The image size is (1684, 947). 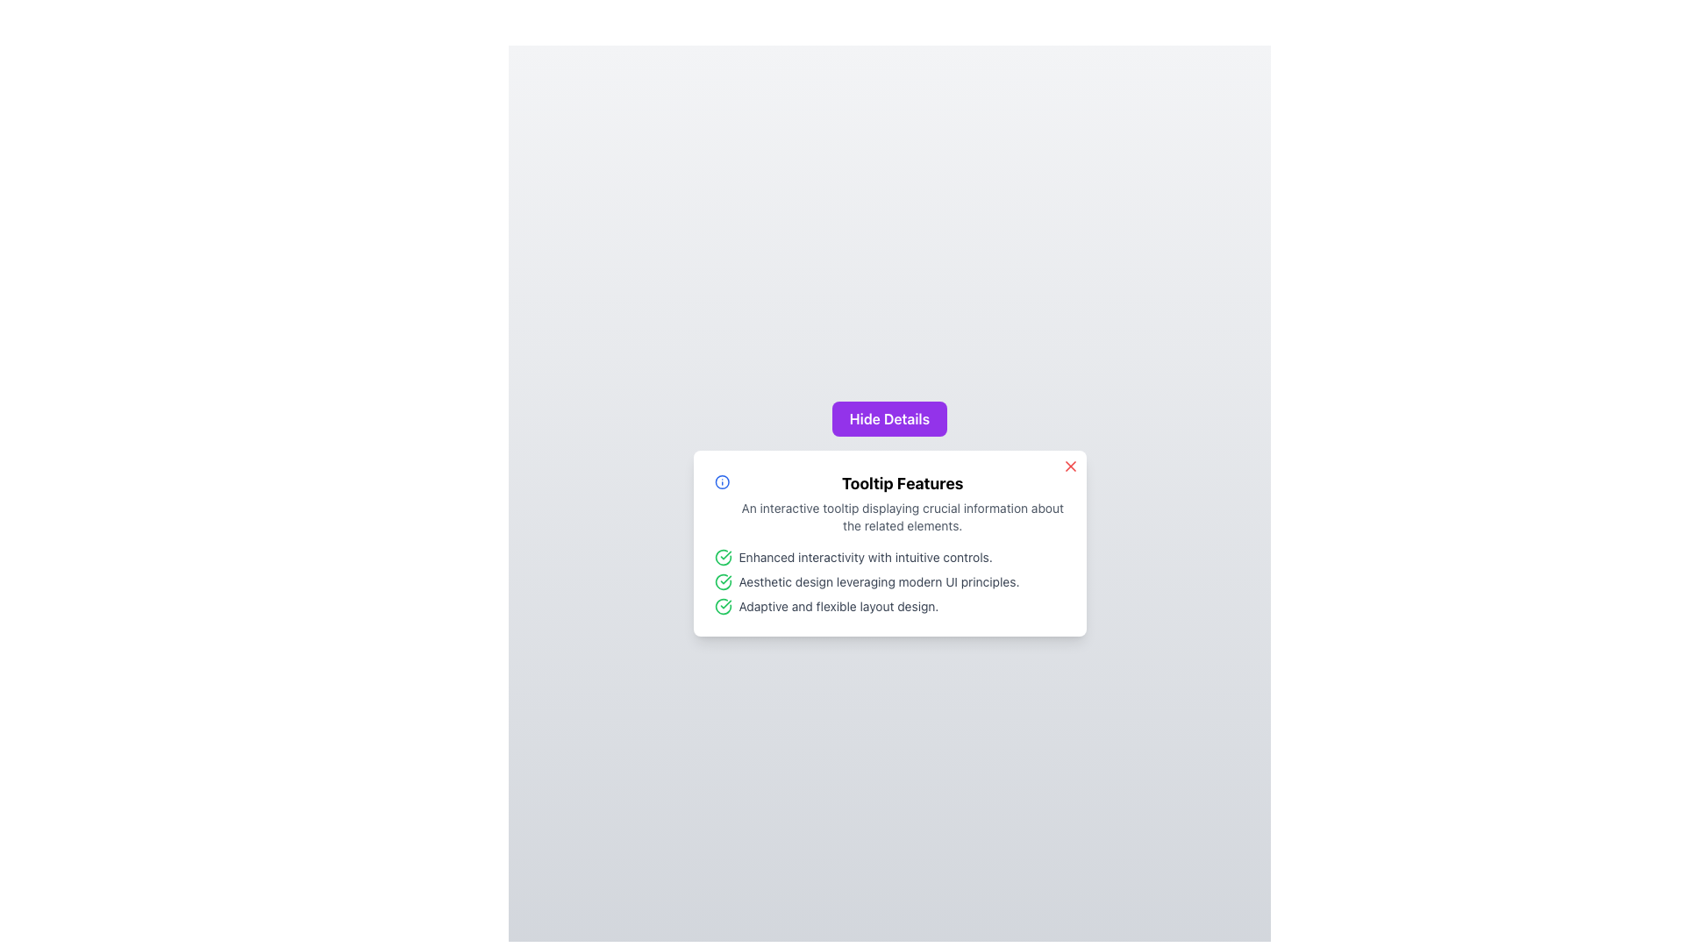 What do you see at coordinates (722, 482) in the screenshot?
I see `the filled circle SVG element located near the center of the SVG graphic, which is positioned to the left of the 'Tooltip Features' heading in the tooltip box` at bounding box center [722, 482].